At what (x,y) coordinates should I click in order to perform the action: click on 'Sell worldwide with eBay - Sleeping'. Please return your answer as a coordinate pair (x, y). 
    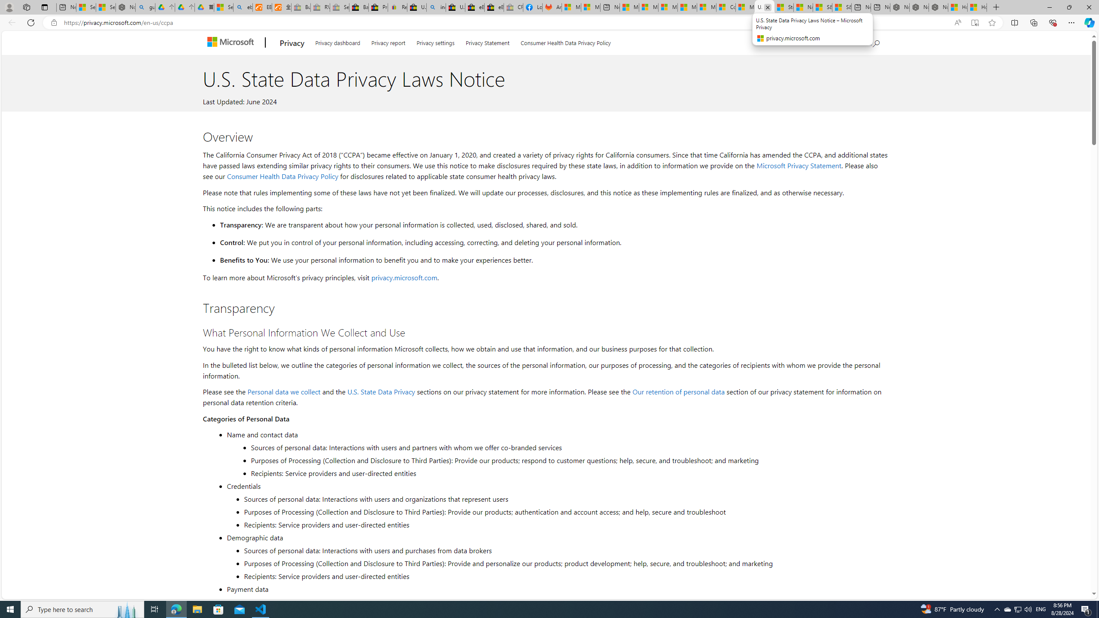
    Looking at the image, I should click on (339, 7).